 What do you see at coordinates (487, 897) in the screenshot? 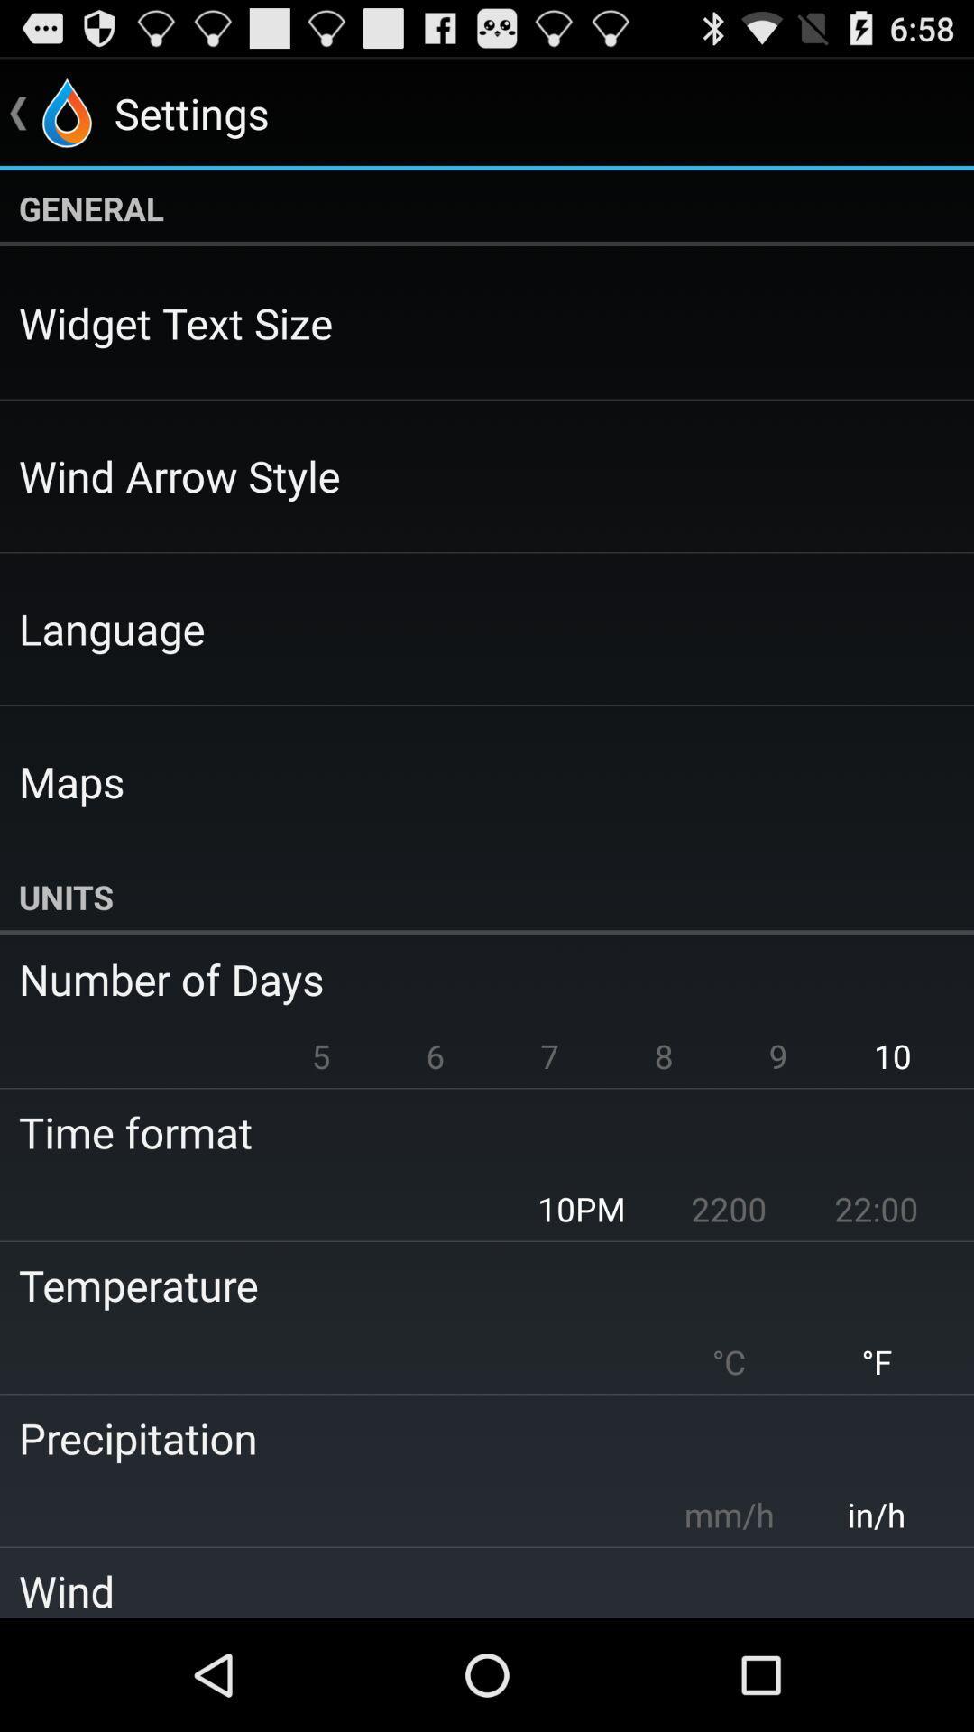
I see `item below the maps` at bounding box center [487, 897].